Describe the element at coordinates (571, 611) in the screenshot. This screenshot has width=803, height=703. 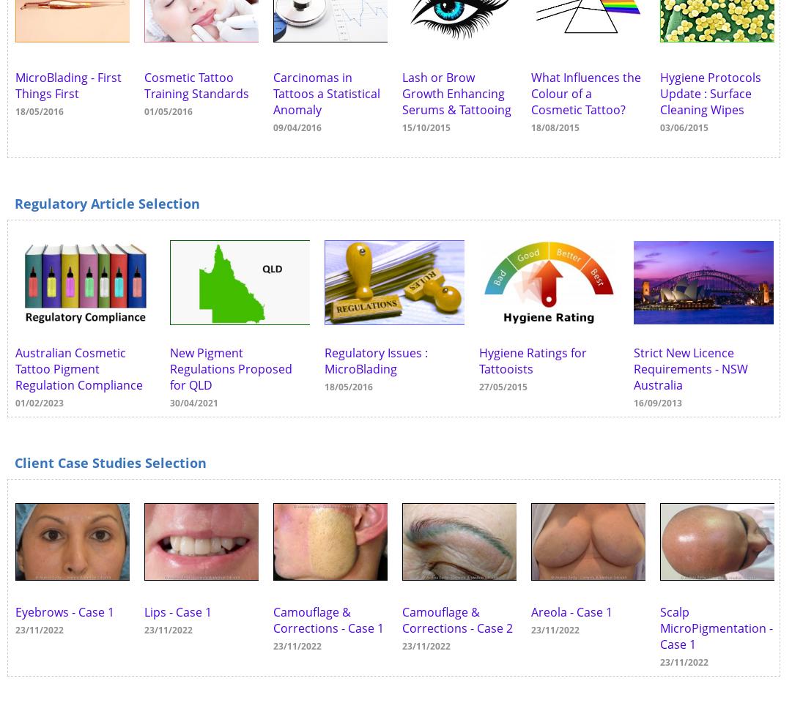
I see `'Areola - Case 1'` at that location.